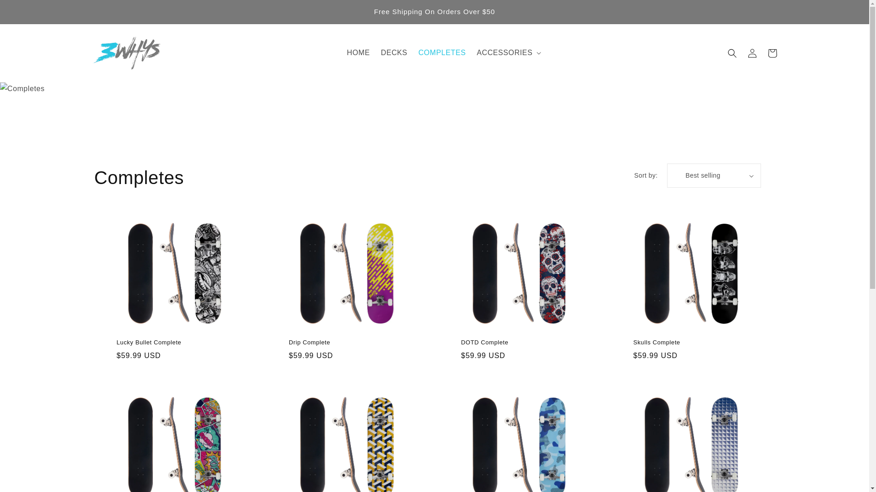 The width and height of the screenshot is (876, 492). Describe the element at coordinates (460, 343) in the screenshot. I see `'DOTD Complete'` at that location.